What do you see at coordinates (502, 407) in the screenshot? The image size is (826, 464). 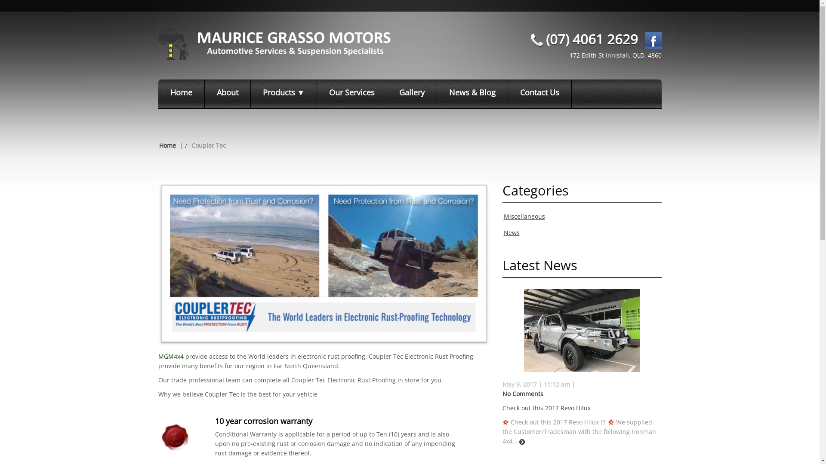 I see `'Check out this 2017 Revo Hilux'` at bounding box center [502, 407].